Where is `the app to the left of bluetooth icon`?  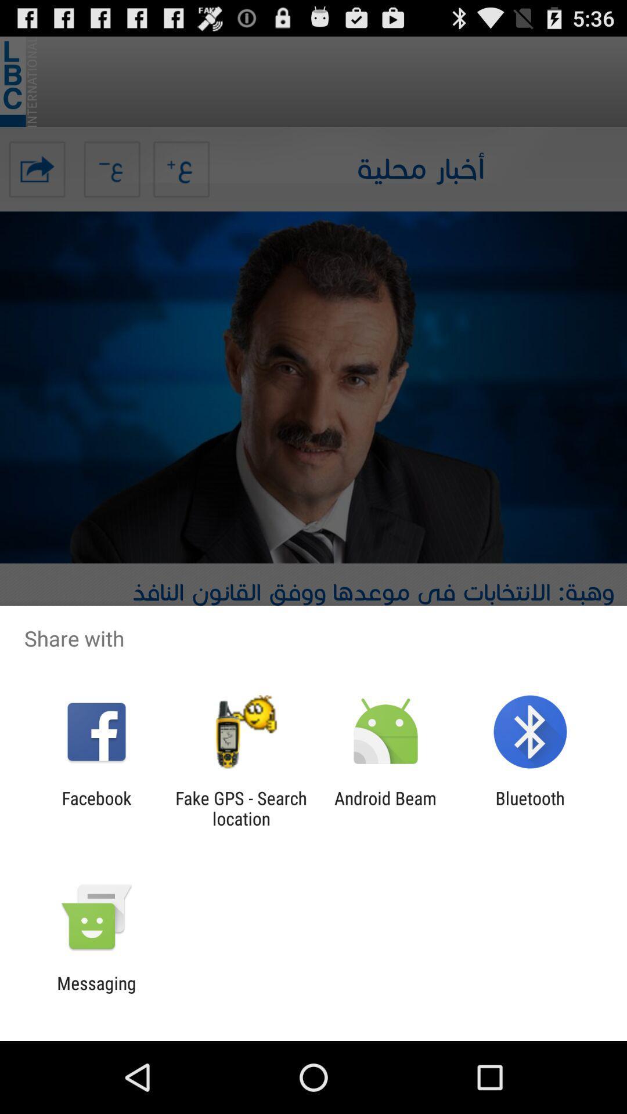 the app to the left of bluetooth icon is located at coordinates (385, 808).